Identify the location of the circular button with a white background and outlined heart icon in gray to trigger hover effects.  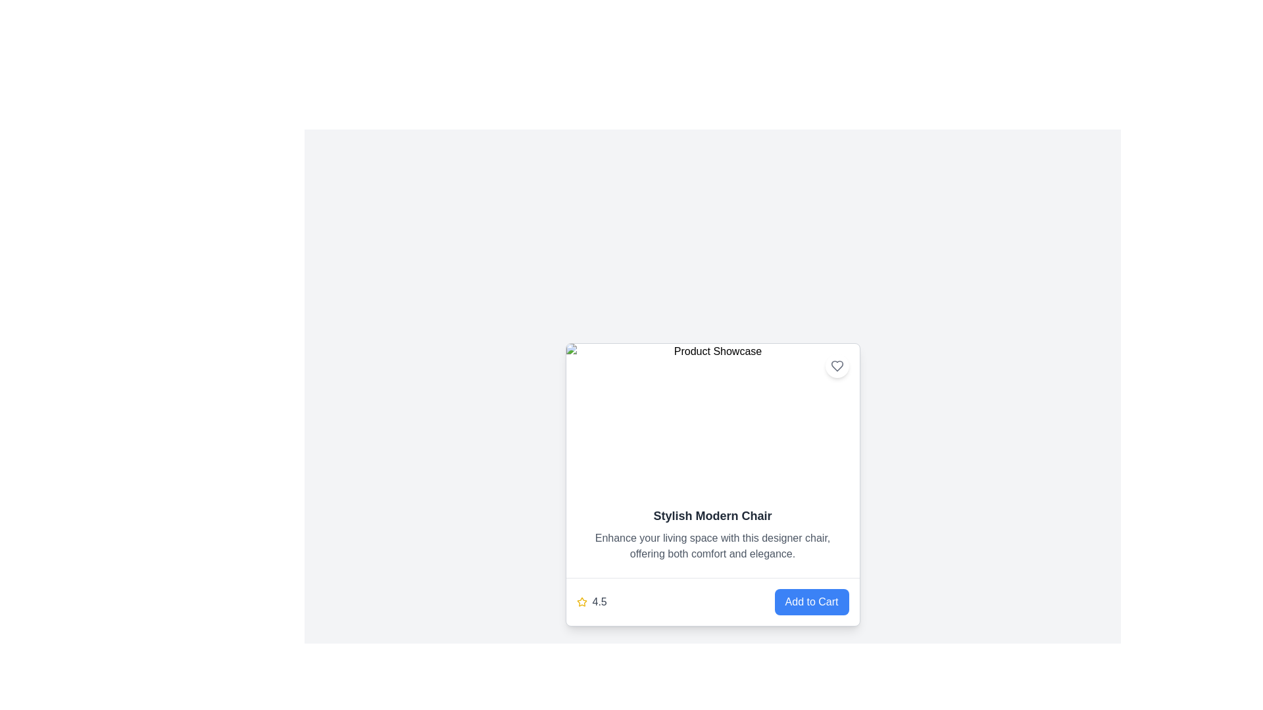
(836, 366).